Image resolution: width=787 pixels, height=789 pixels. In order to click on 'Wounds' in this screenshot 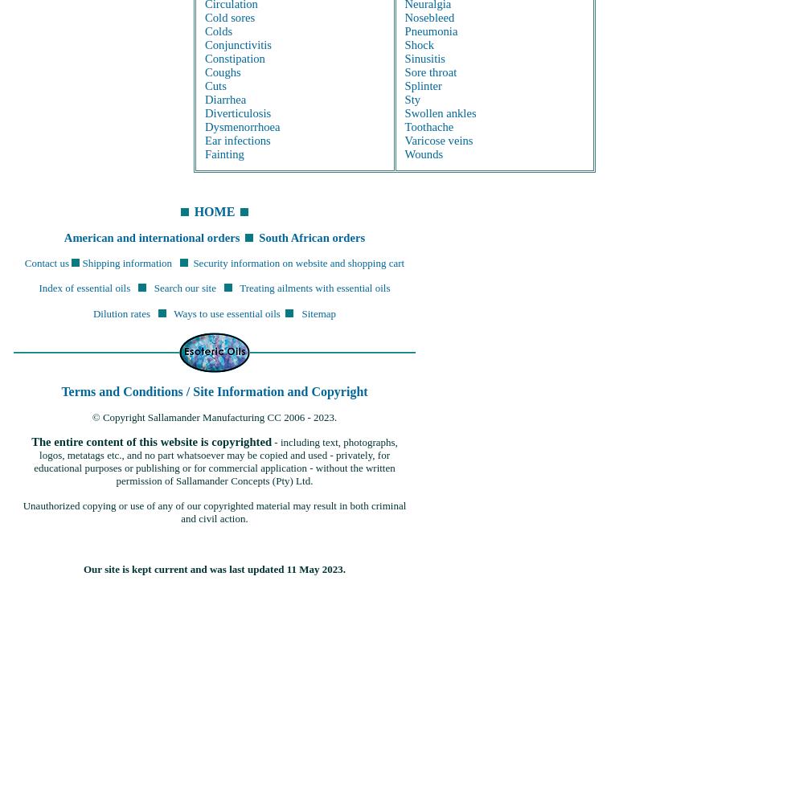, I will do `click(422, 152)`.